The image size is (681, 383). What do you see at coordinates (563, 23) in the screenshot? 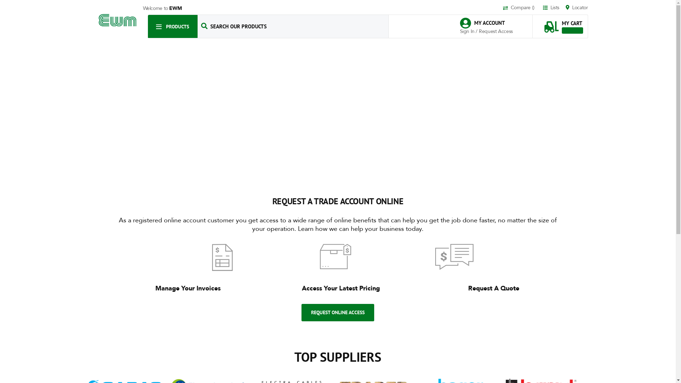
I see `'MY CART'` at bounding box center [563, 23].